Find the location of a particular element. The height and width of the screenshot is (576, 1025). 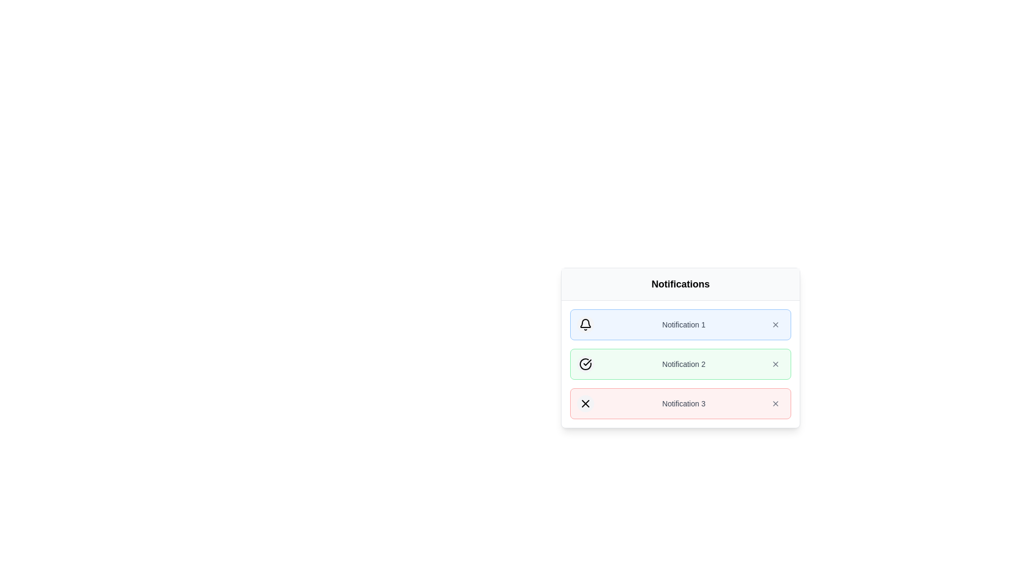

the label displaying the title or description for the associated notification, which is centrally aligned within the green-bordered card and is the second notification from the top in the list is located at coordinates (684, 363).